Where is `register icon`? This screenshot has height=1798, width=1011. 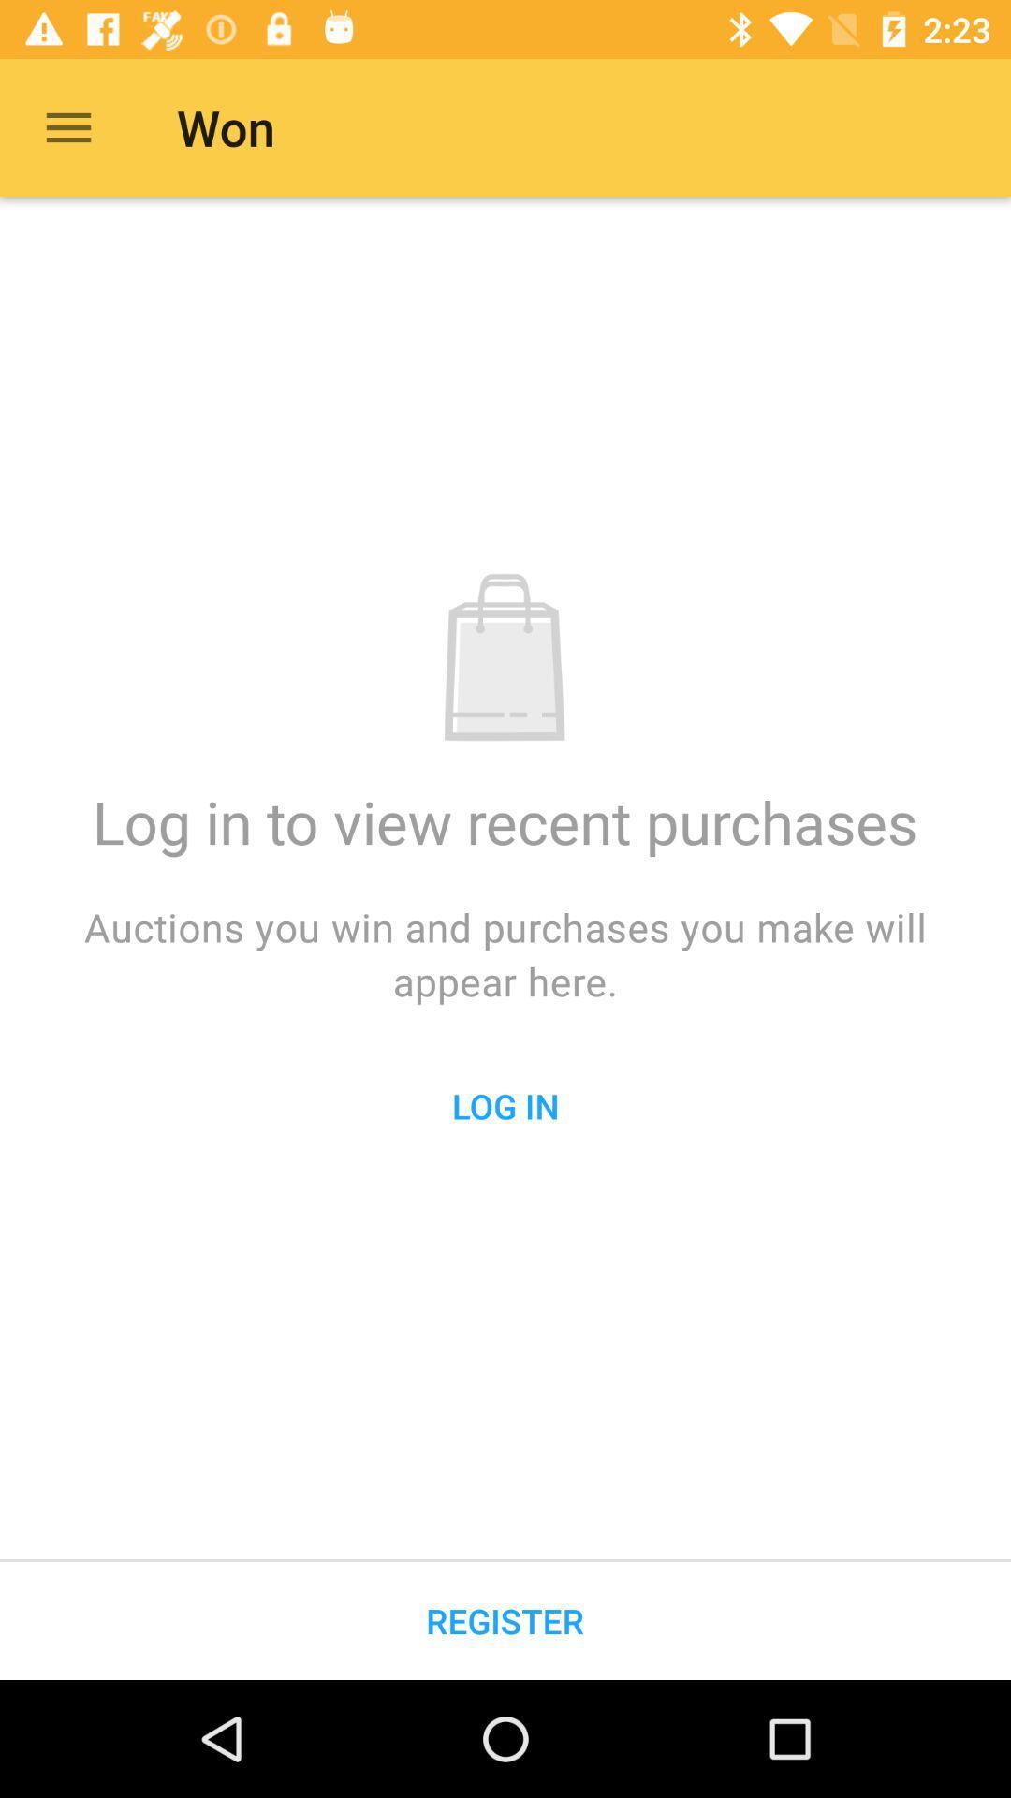
register icon is located at coordinates (504, 1620).